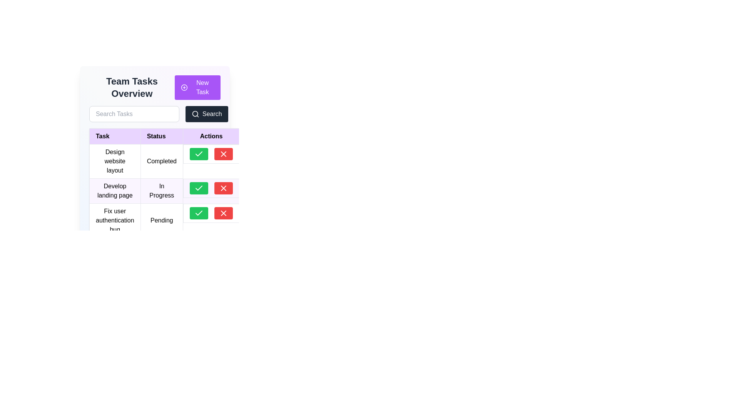 The width and height of the screenshot is (739, 415). What do you see at coordinates (223, 213) in the screenshot?
I see `the 'Delete' icon button located in the 'Actions' column of the last row in the task table associated with the task titled 'Fix user authentication bug'` at bounding box center [223, 213].